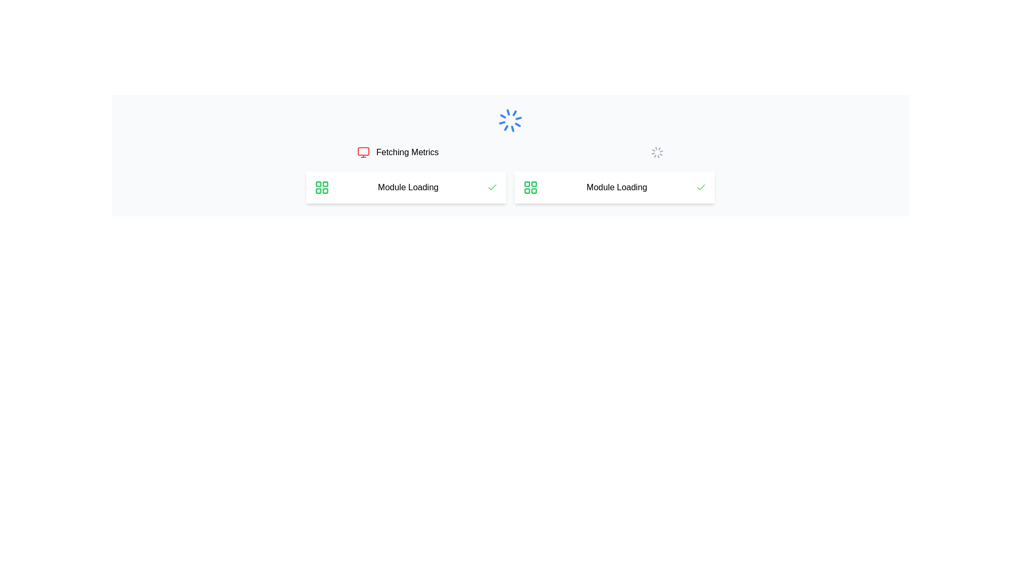 The image size is (1022, 574). Describe the element at coordinates (321, 187) in the screenshot. I see `the grid icon located within the 'Module Loading' panel, positioned on the left side adjacent to the text and before the green checkmark icon` at that location.